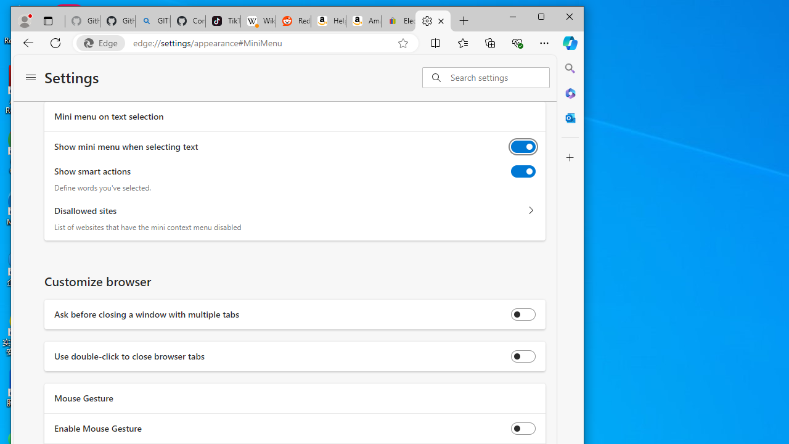  Describe the element at coordinates (152, 21) in the screenshot. I see `'GITHUB - Search'` at that location.